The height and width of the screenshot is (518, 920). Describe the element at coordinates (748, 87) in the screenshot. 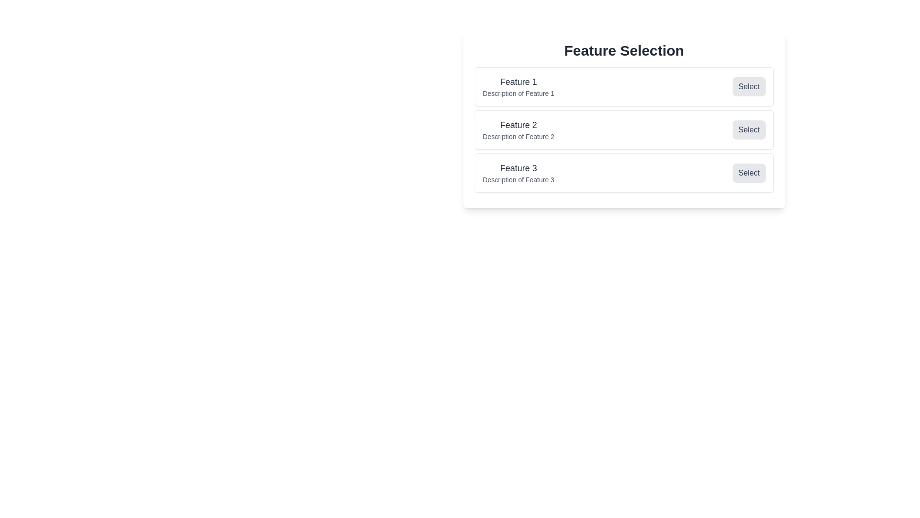

I see `the button on the right edge of the first row` at that location.